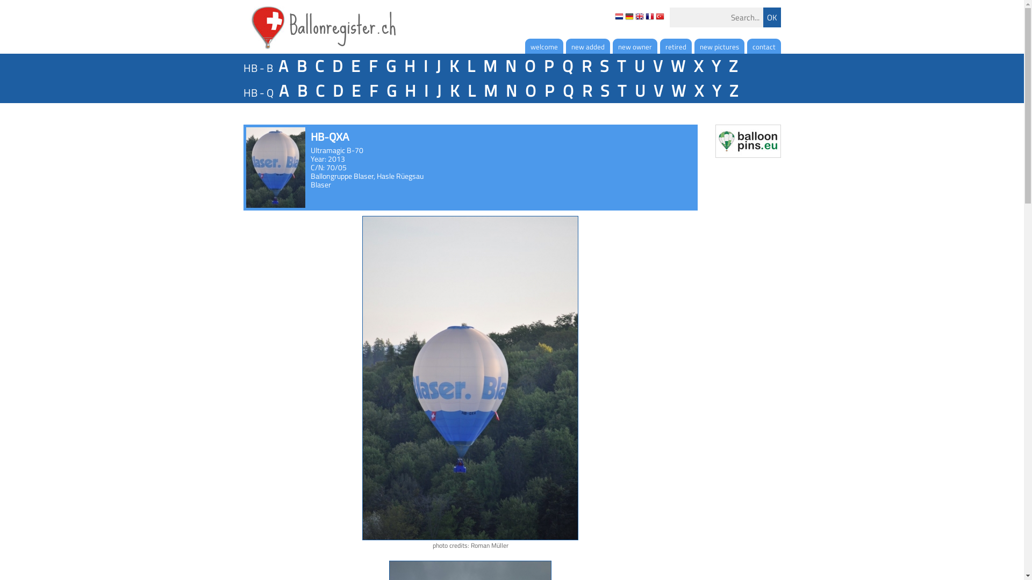 The image size is (1032, 580). I want to click on 'F', so click(365, 66).